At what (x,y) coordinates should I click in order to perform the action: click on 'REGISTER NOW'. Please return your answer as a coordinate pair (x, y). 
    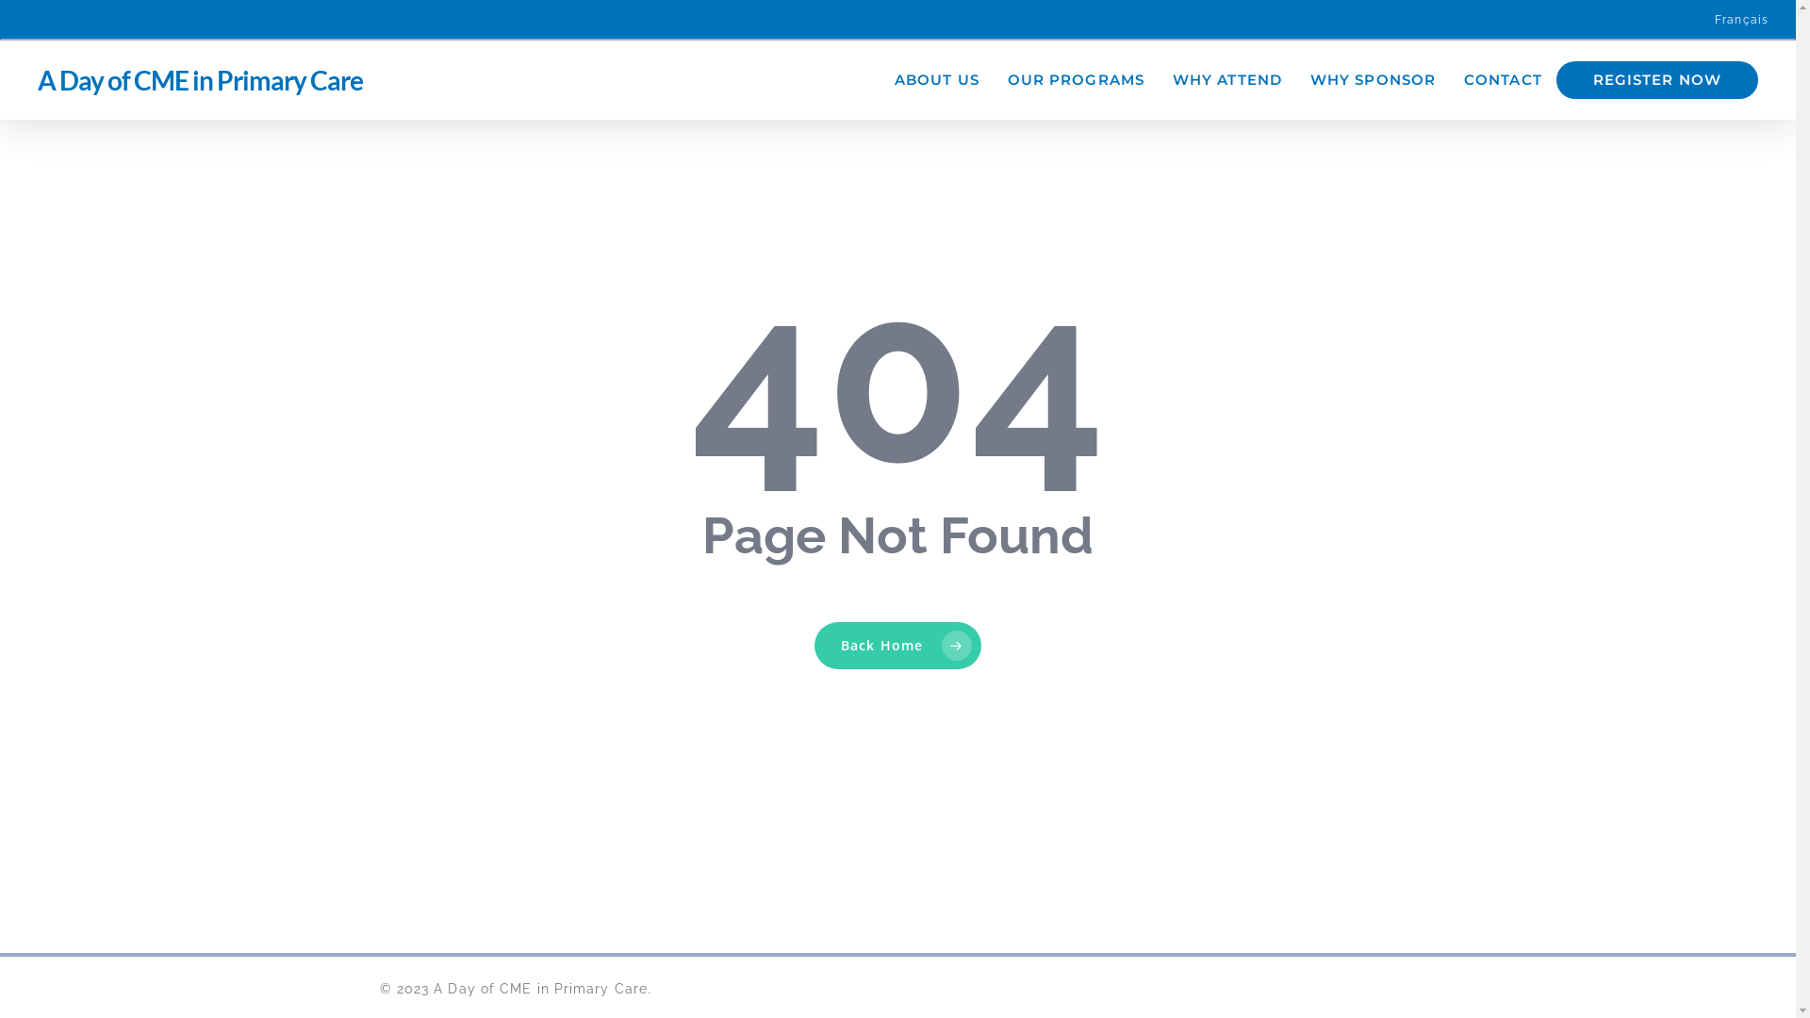
    Looking at the image, I should click on (1655, 78).